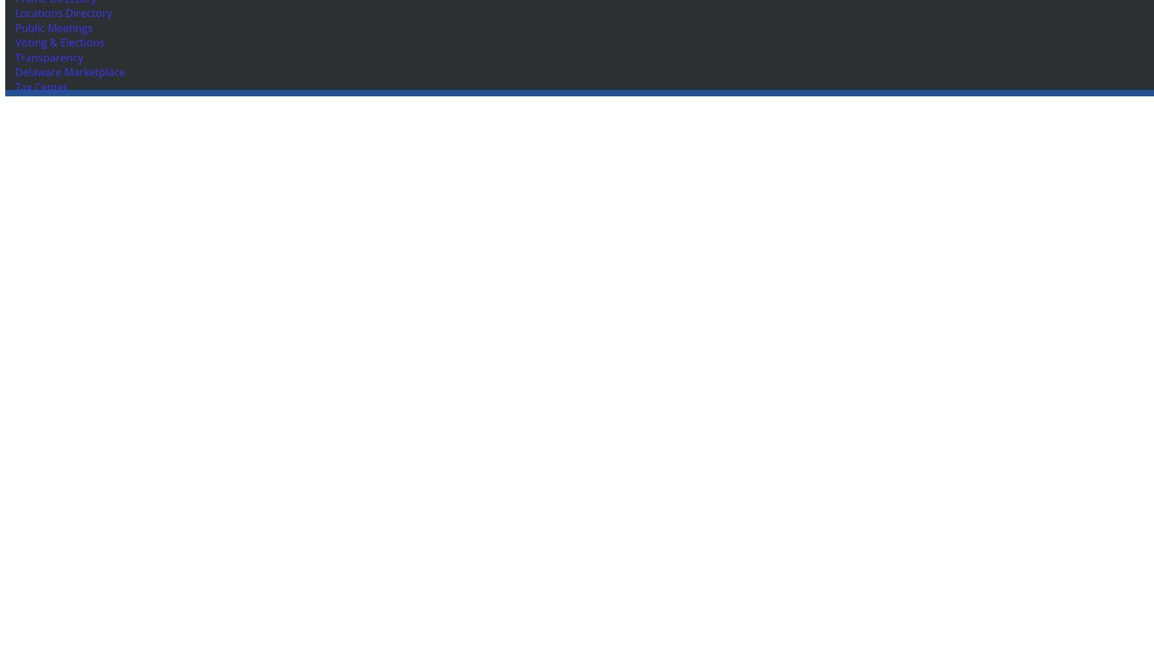  I want to click on 'Help Center', so click(41, 243).